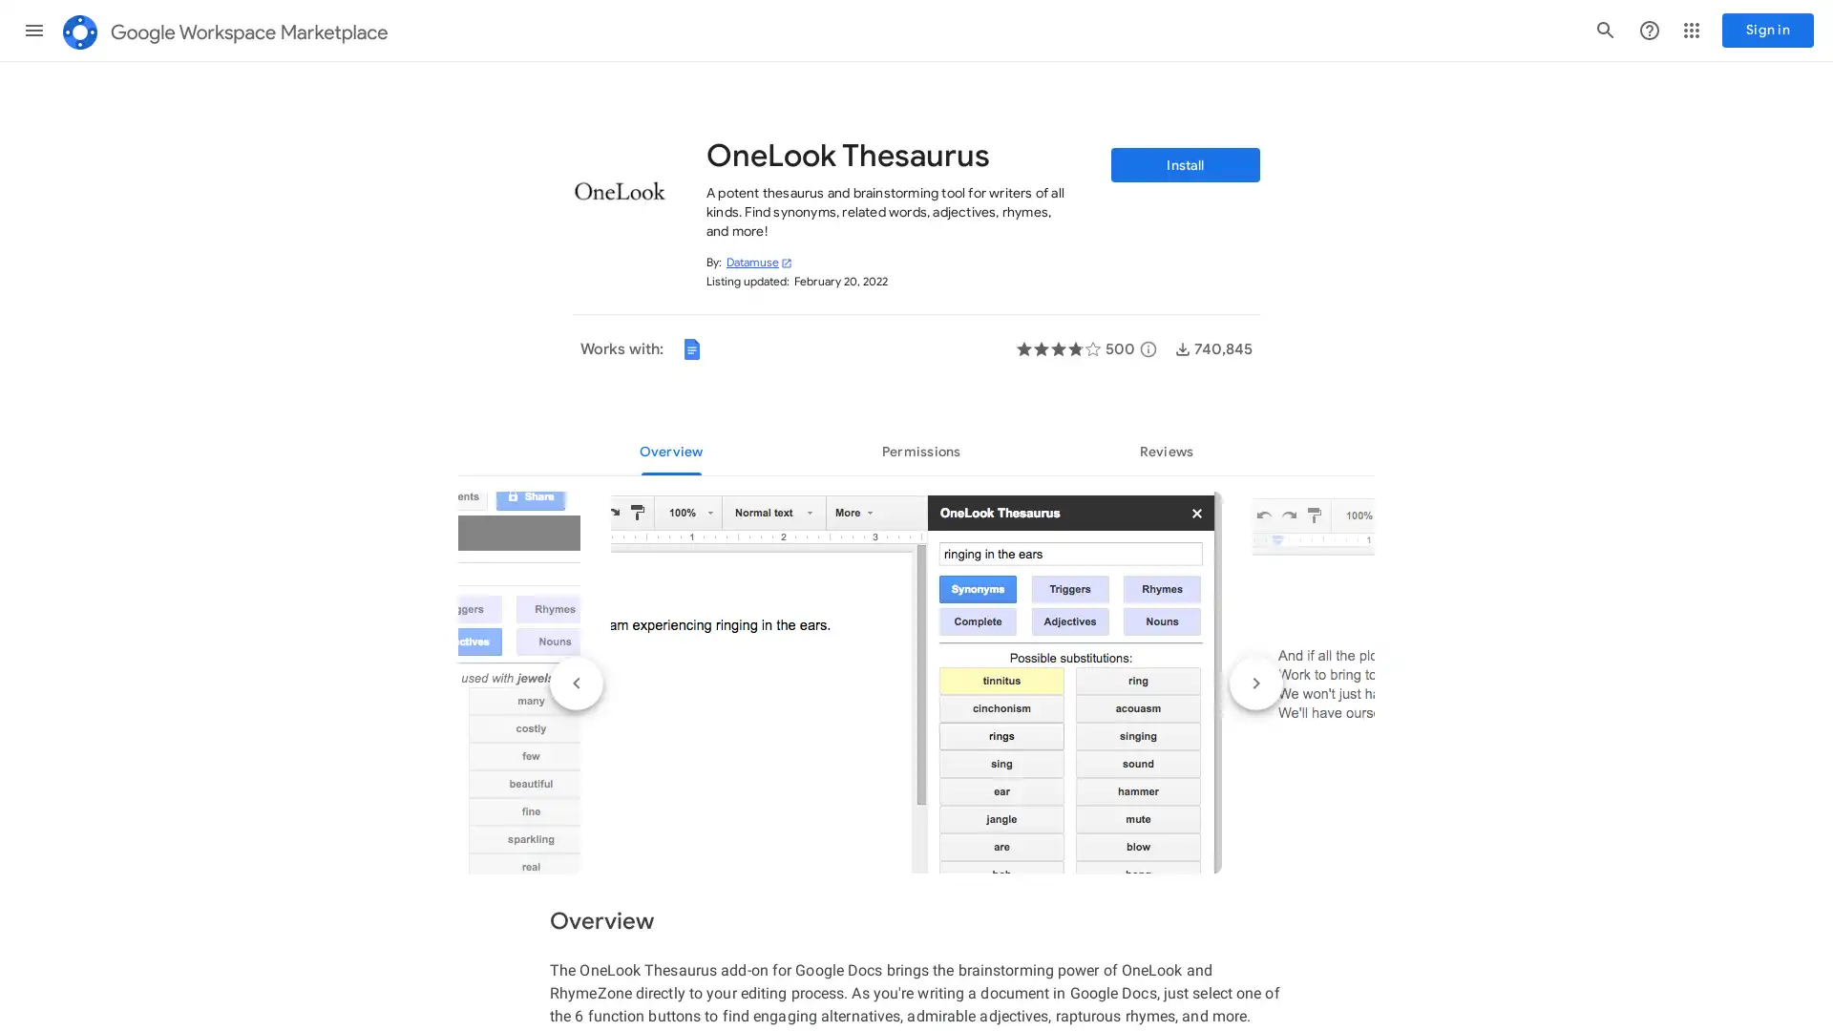  I want to click on Support, so click(1620, 30).